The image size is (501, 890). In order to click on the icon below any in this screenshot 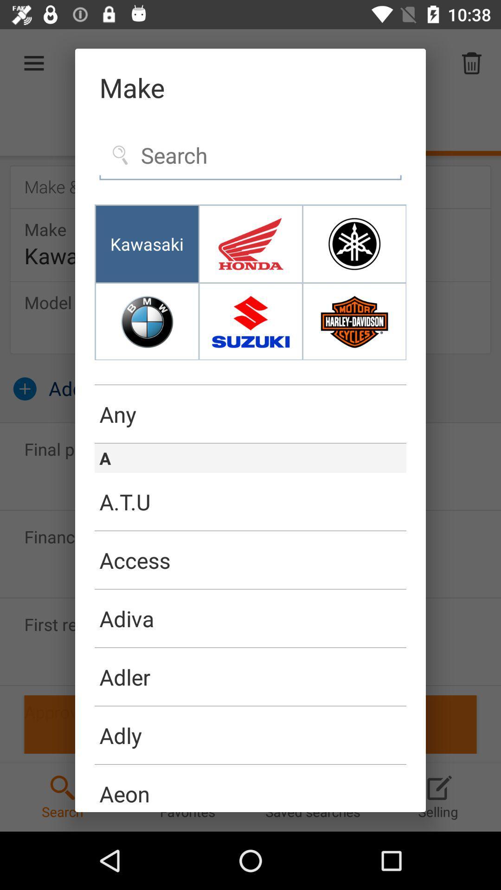, I will do `click(250, 443)`.